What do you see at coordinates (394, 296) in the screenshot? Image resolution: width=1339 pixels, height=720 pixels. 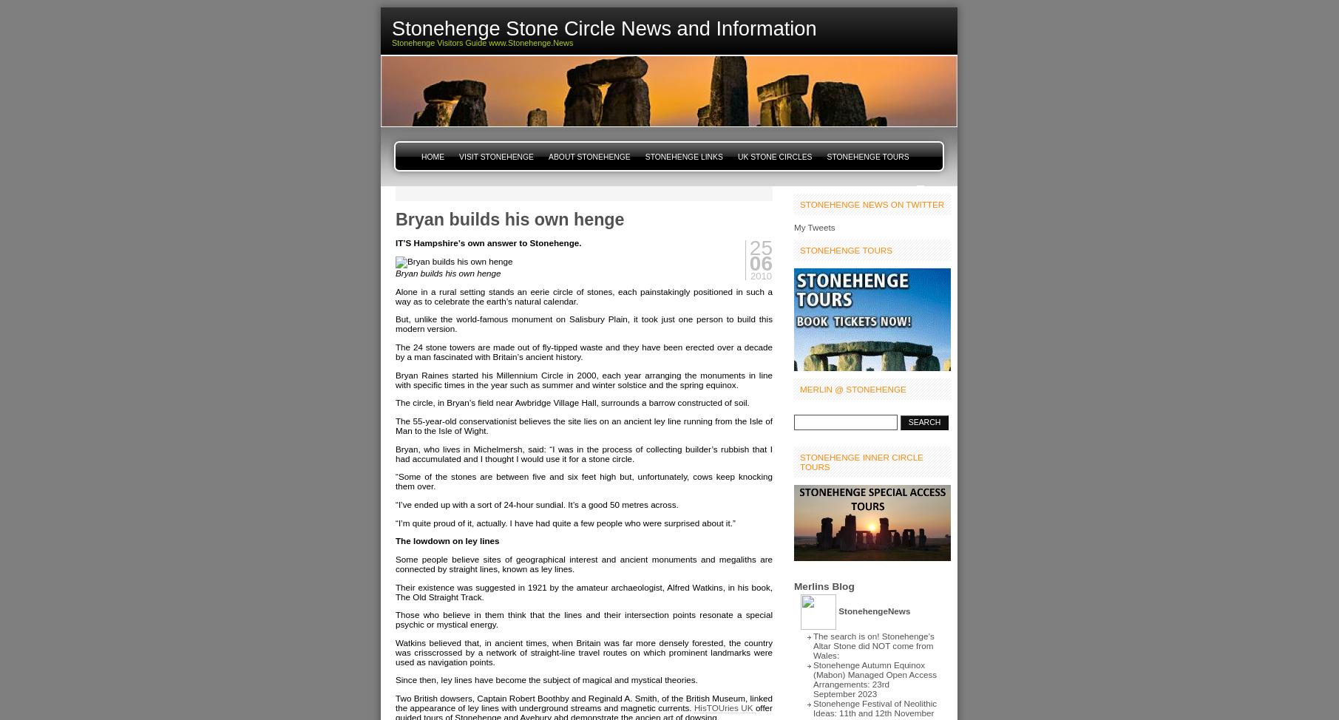 I see `'Alone in a rural setting stands an eerie circle of stones, each painstakingly positioned in such a way as to celebrate the earth’s natural calendar.'` at bounding box center [394, 296].